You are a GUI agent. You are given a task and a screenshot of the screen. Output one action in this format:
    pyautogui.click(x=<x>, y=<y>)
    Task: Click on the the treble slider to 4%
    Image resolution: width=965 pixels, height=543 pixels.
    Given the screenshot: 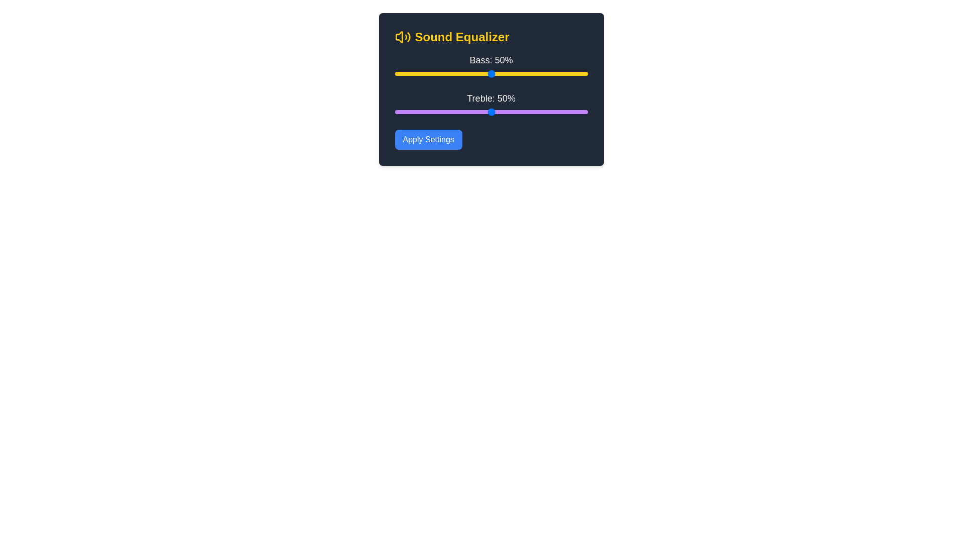 What is the action you would take?
    pyautogui.click(x=402, y=112)
    